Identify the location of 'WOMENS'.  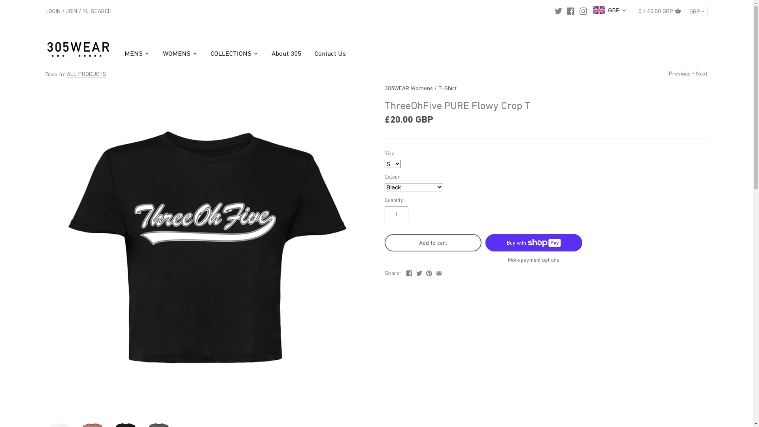
(176, 54).